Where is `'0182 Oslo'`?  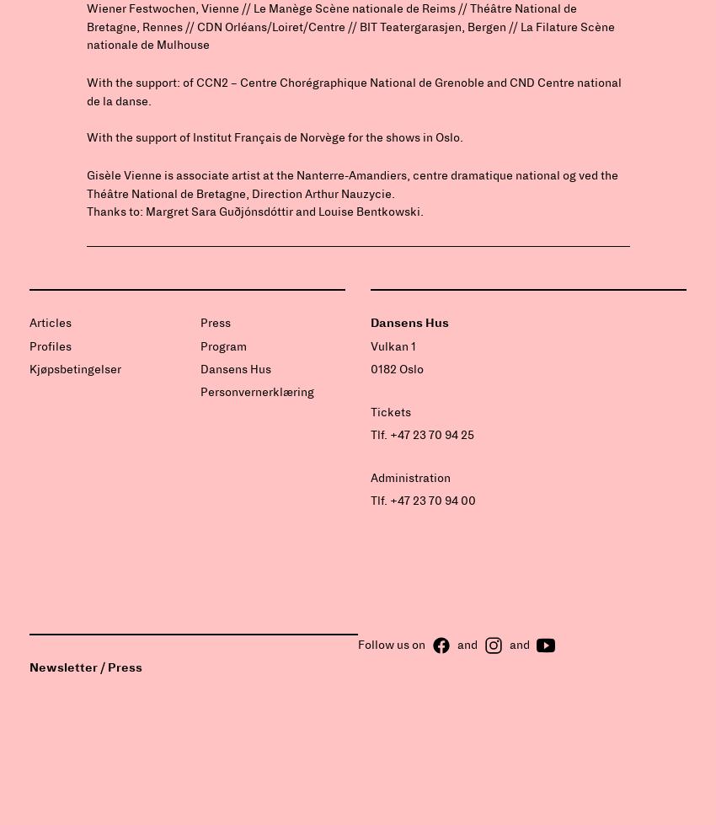
'0182 Oslo' is located at coordinates (397, 368).